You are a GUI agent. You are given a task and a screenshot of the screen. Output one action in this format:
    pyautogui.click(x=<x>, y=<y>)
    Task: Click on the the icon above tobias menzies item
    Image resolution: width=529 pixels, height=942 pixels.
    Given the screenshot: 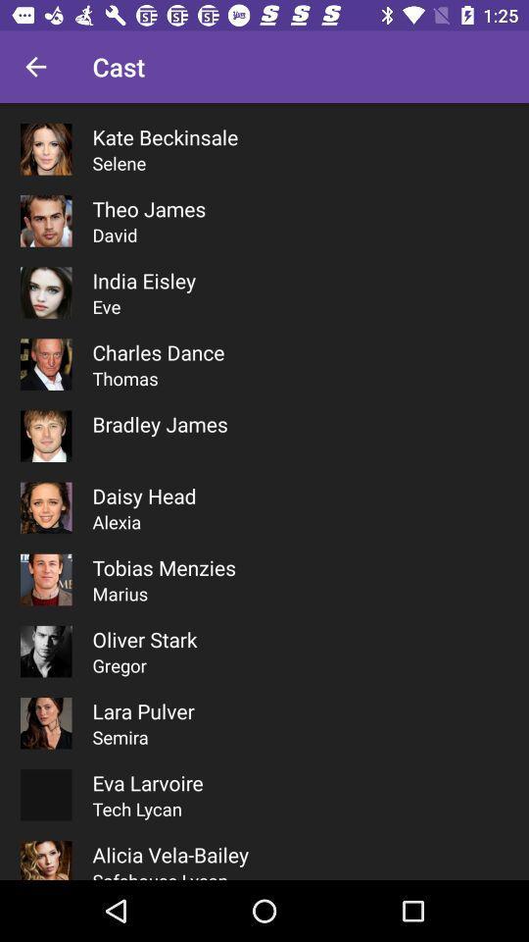 What is the action you would take?
    pyautogui.click(x=117, y=521)
    